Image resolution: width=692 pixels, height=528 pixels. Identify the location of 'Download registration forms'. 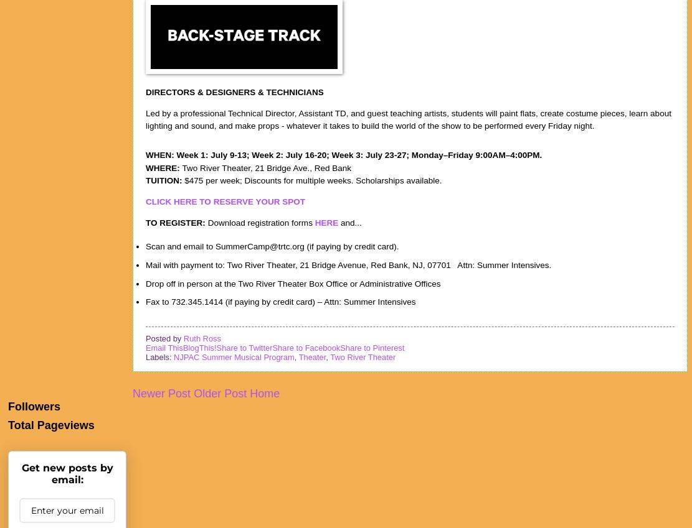
(260, 222).